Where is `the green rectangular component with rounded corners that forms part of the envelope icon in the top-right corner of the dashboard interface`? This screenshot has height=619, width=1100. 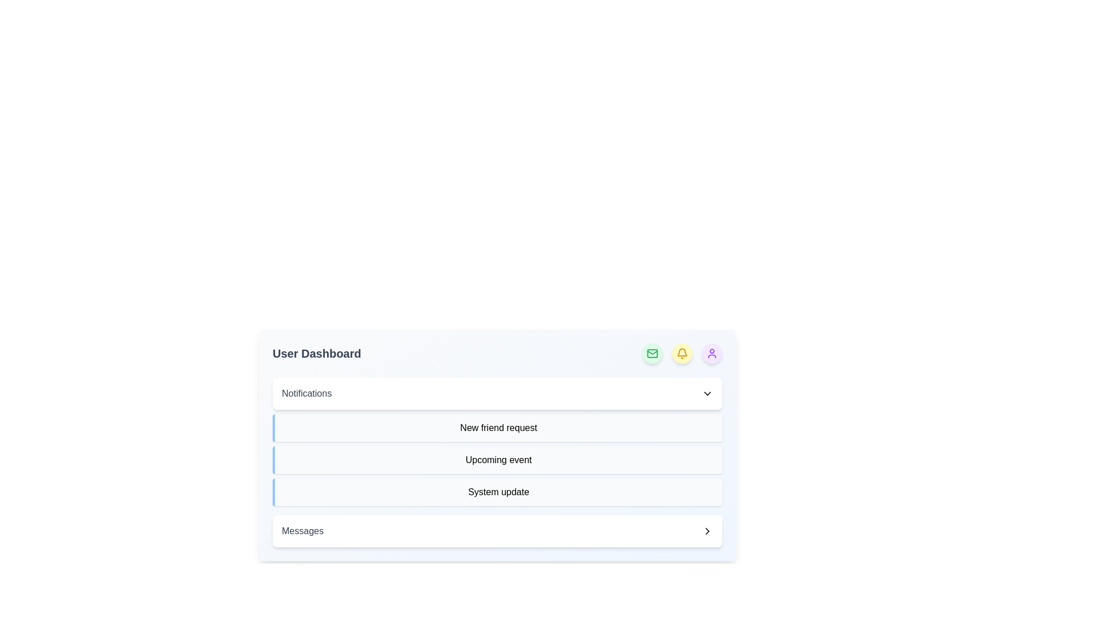
the green rectangular component with rounded corners that forms part of the envelope icon in the top-right corner of the dashboard interface is located at coordinates (652, 353).